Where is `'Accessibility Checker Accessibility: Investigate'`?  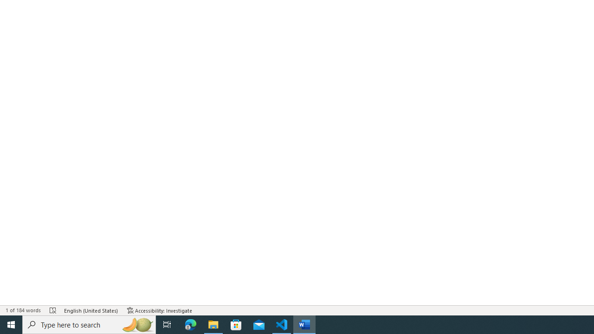
'Accessibility Checker Accessibility: Investigate' is located at coordinates (160, 310).